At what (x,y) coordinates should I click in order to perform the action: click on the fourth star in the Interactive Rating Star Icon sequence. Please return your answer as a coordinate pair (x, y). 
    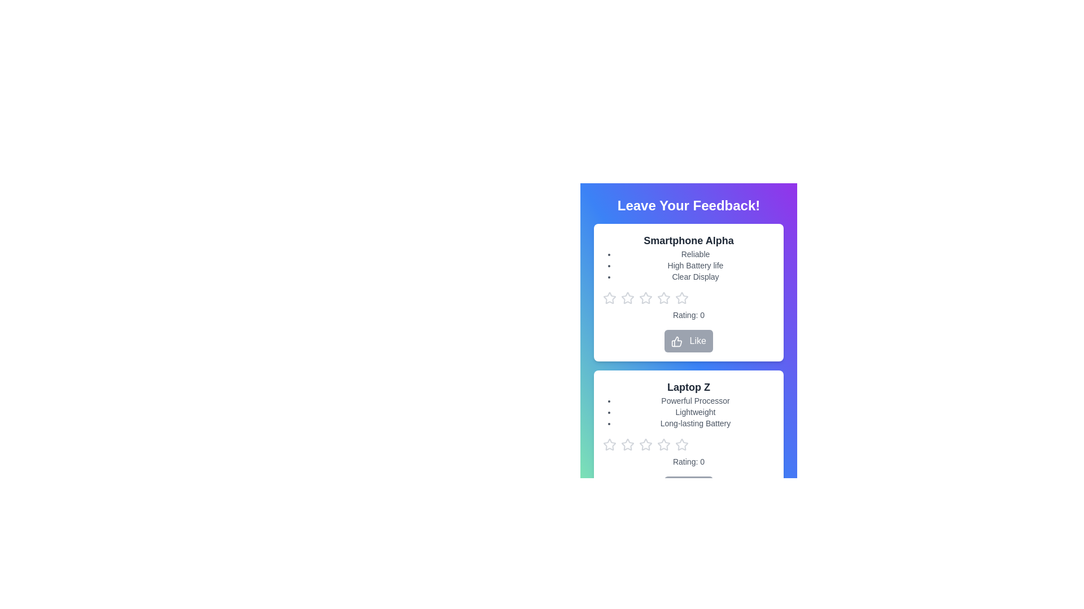
    Looking at the image, I should click on (681, 297).